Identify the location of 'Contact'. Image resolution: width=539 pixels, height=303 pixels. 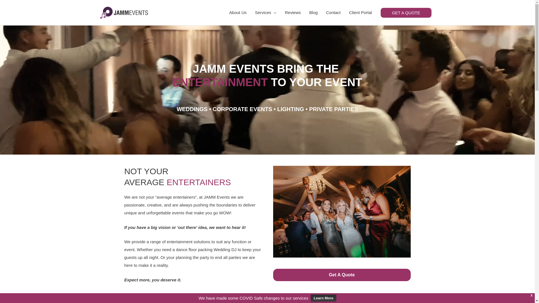
(333, 13).